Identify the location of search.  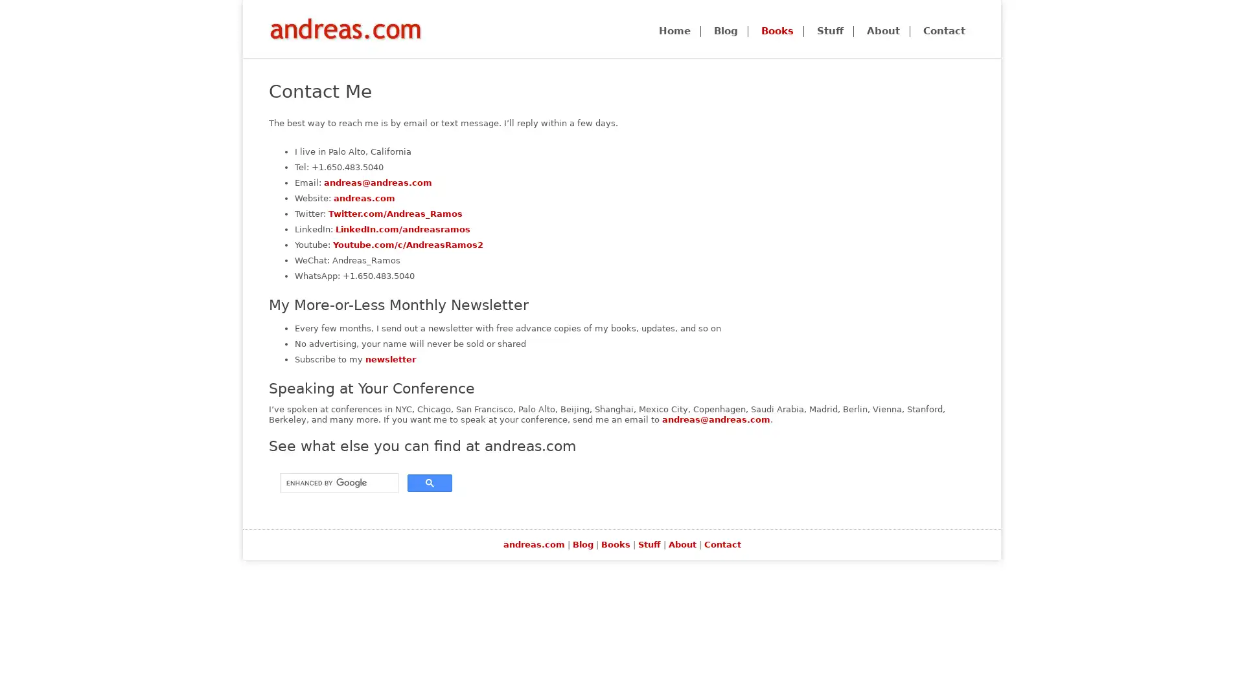
(430, 482).